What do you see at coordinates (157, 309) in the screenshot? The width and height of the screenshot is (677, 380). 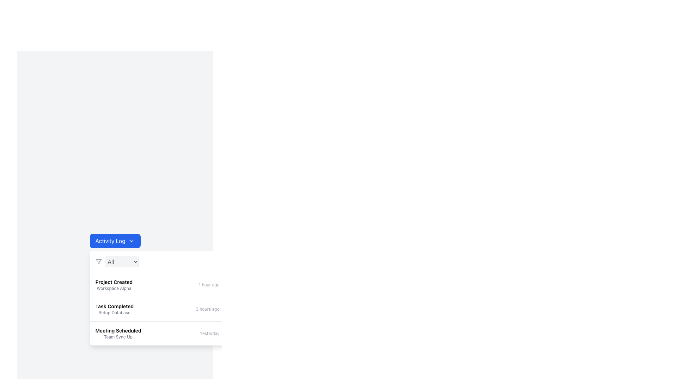 I see `the second item in the 'Activity Log' list, which represents a task completion event` at bounding box center [157, 309].